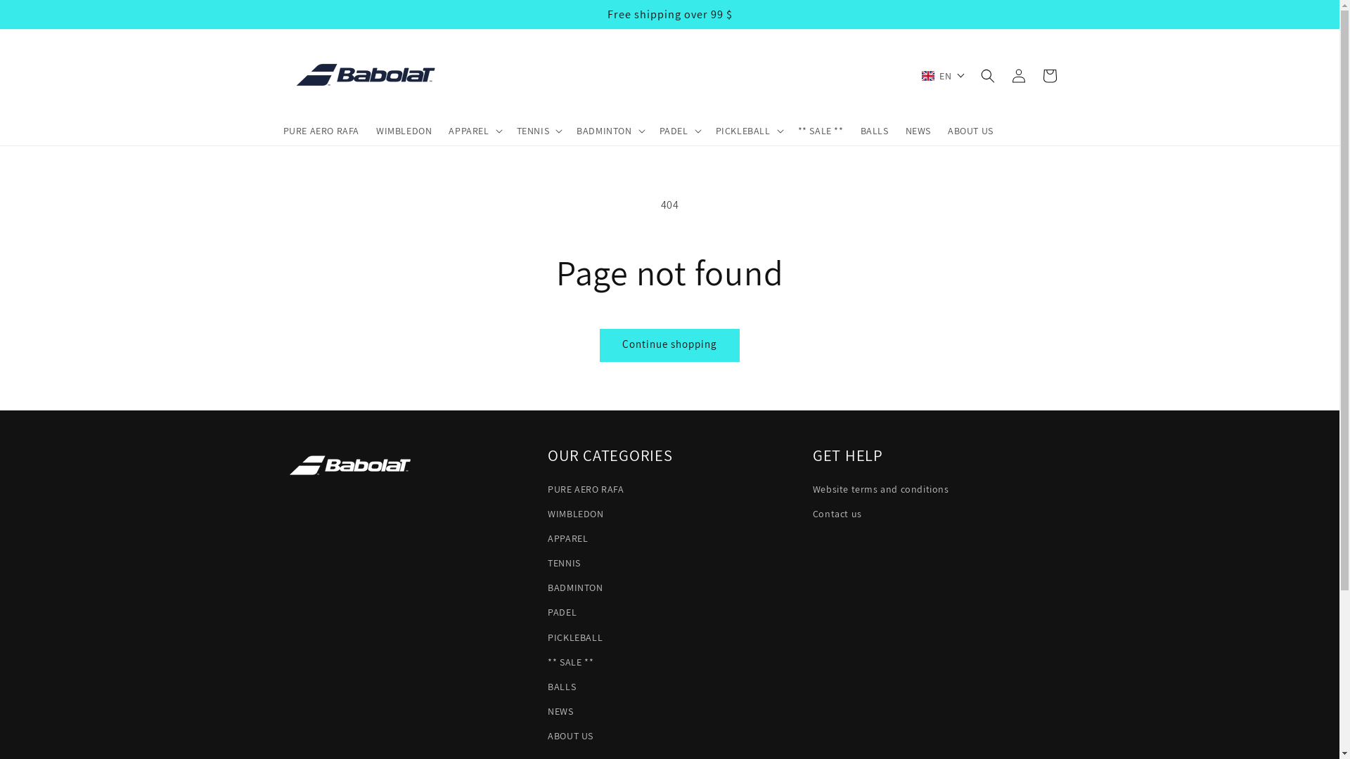 The height and width of the screenshot is (759, 1350). What do you see at coordinates (546, 490) in the screenshot?
I see `'PURE AERO RAFA'` at bounding box center [546, 490].